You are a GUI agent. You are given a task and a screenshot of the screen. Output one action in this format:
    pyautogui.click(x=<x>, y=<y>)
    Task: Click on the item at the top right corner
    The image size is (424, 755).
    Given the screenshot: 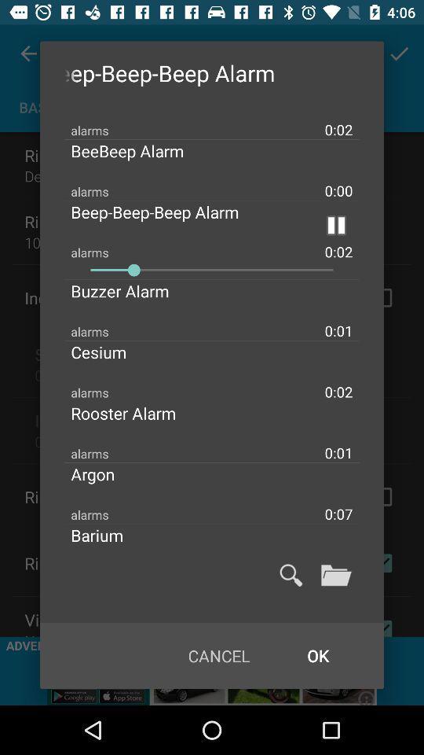 What is the action you would take?
    pyautogui.click(x=335, y=224)
    